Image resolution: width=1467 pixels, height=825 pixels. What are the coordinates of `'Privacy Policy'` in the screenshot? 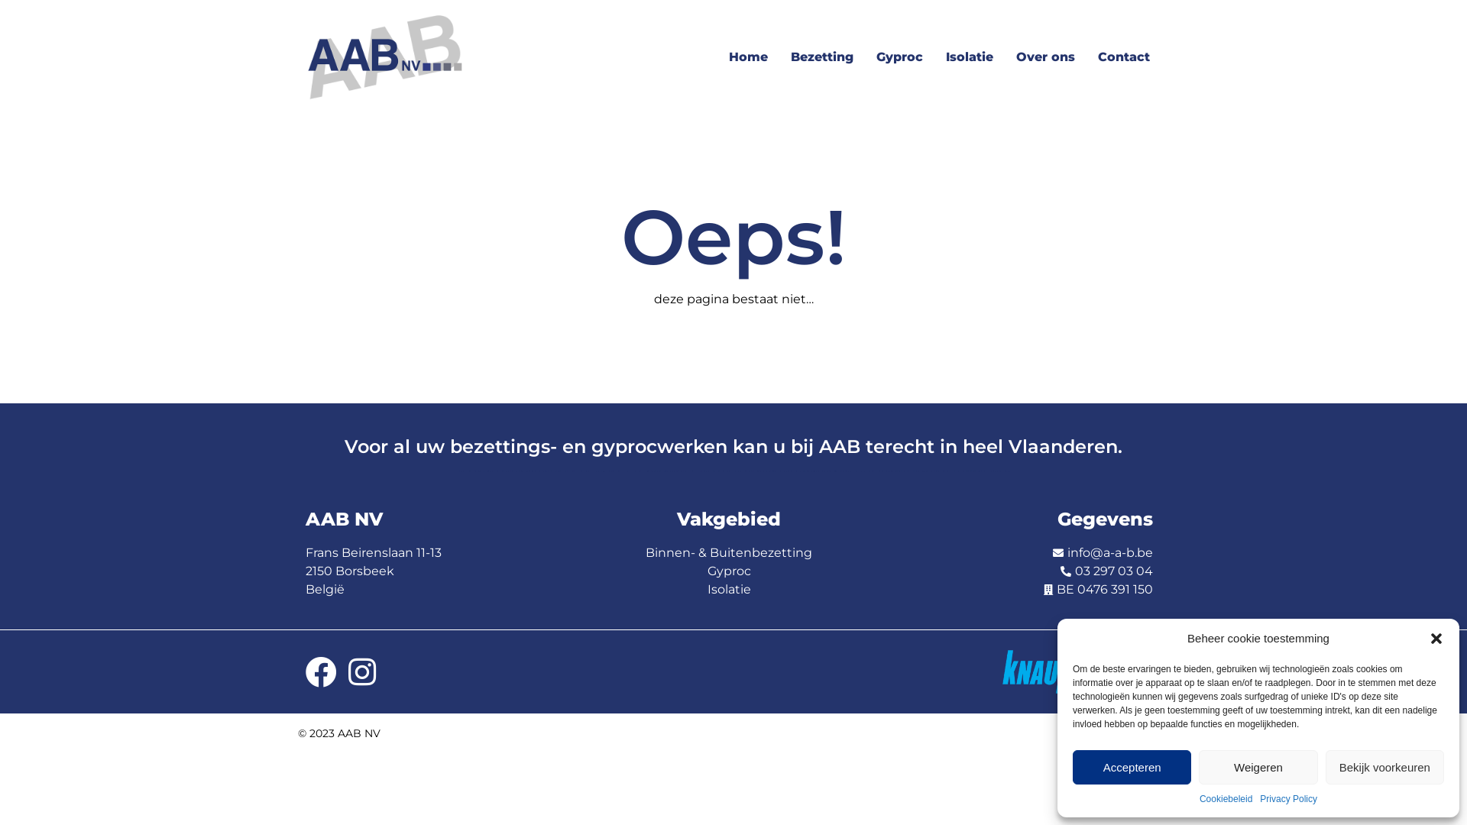 It's located at (1287, 797).